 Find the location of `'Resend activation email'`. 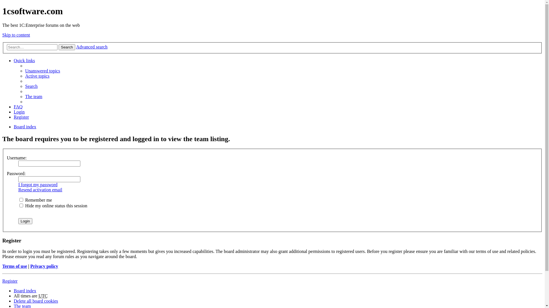

'Resend activation email' is located at coordinates (40, 190).